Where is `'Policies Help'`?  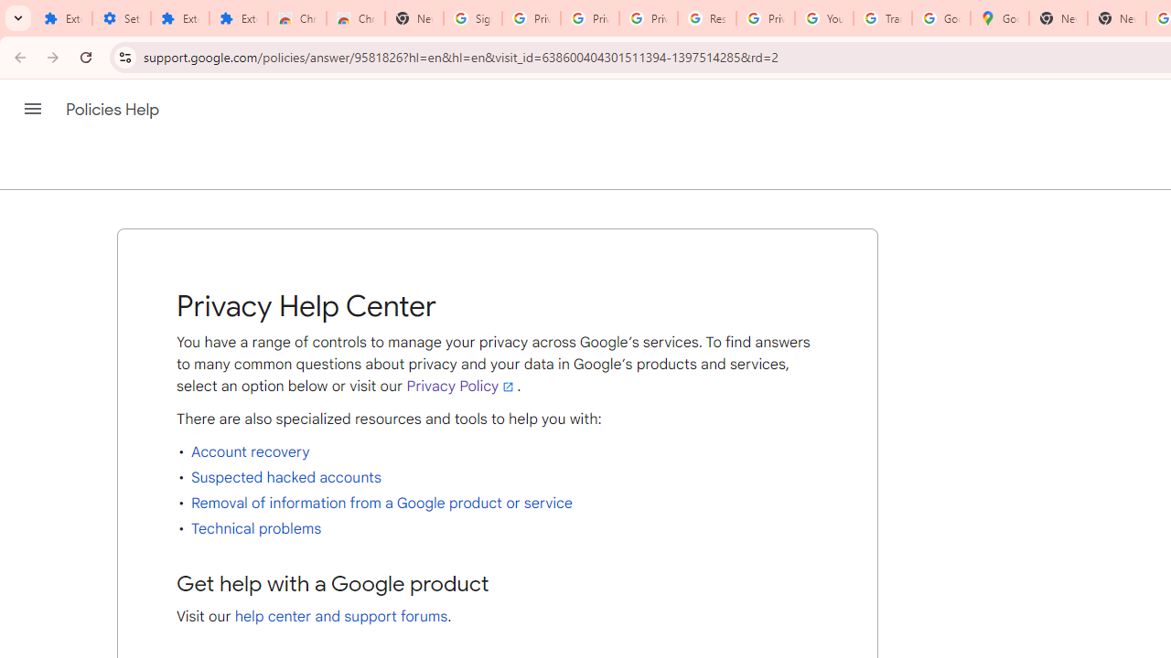 'Policies Help' is located at coordinates (113, 109).